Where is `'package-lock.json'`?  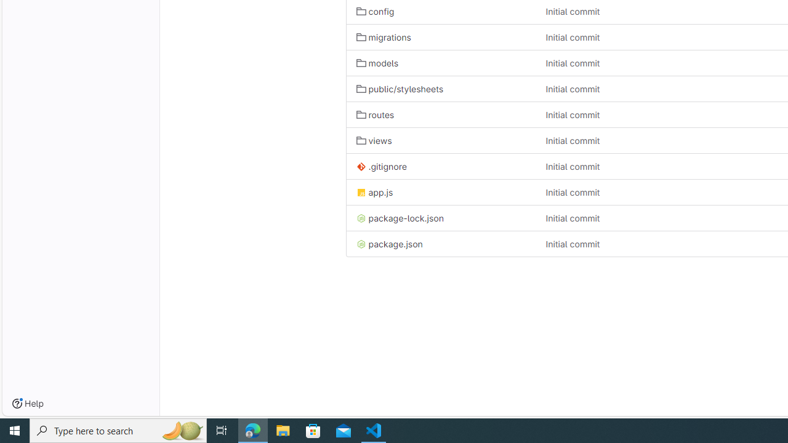 'package-lock.json' is located at coordinates (441, 217).